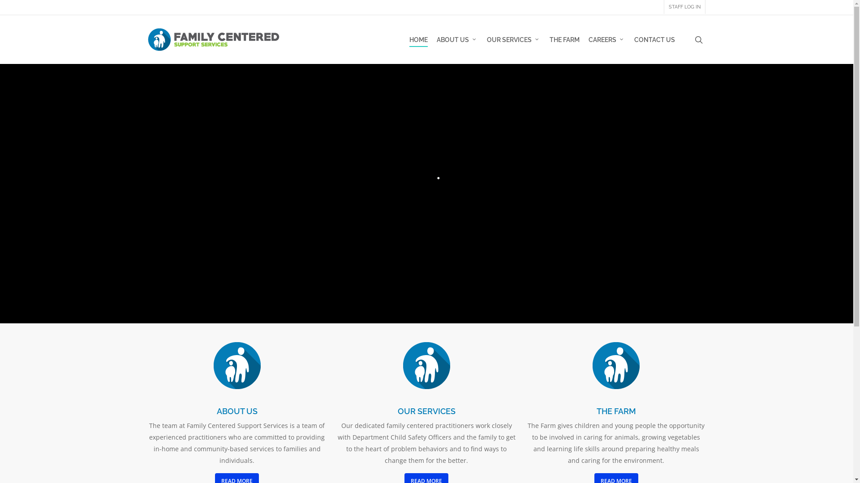 The height and width of the screenshot is (483, 860). What do you see at coordinates (606, 39) in the screenshot?
I see `'CAREERS'` at bounding box center [606, 39].